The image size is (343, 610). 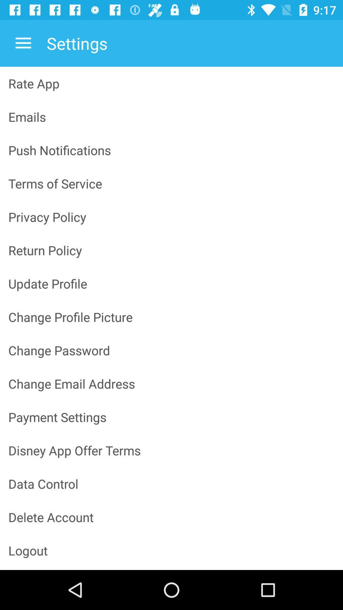 I want to click on the item above the terms of service item, so click(x=171, y=150).